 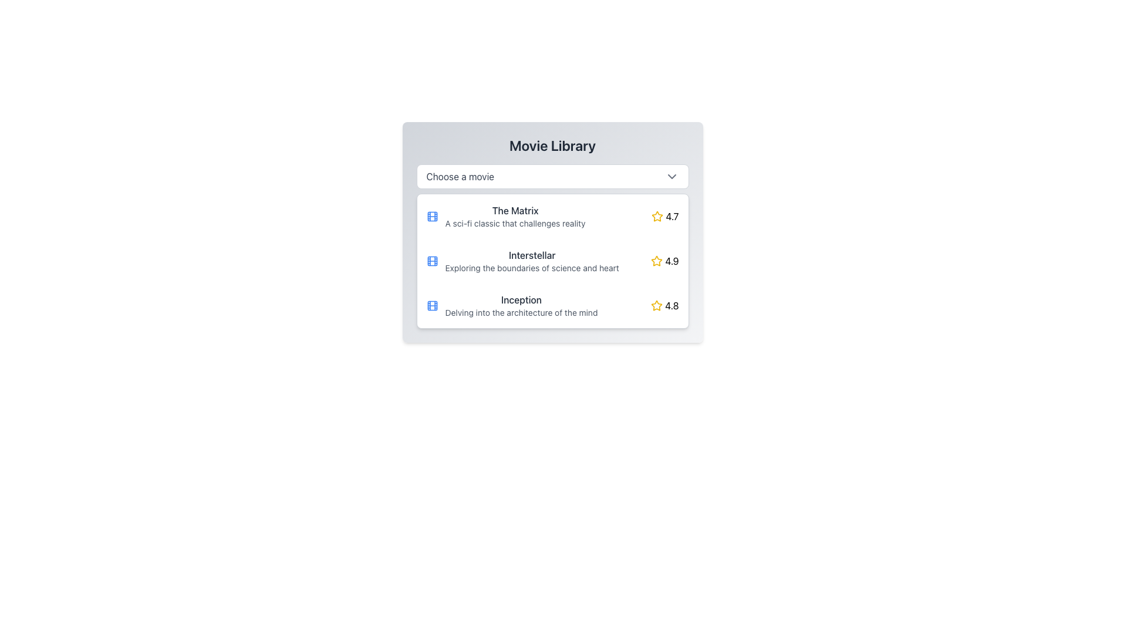 What do you see at coordinates (531, 255) in the screenshot?
I see `the movie title text label in the second item of the 'Movie Library' list` at bounding box center [531, 255].